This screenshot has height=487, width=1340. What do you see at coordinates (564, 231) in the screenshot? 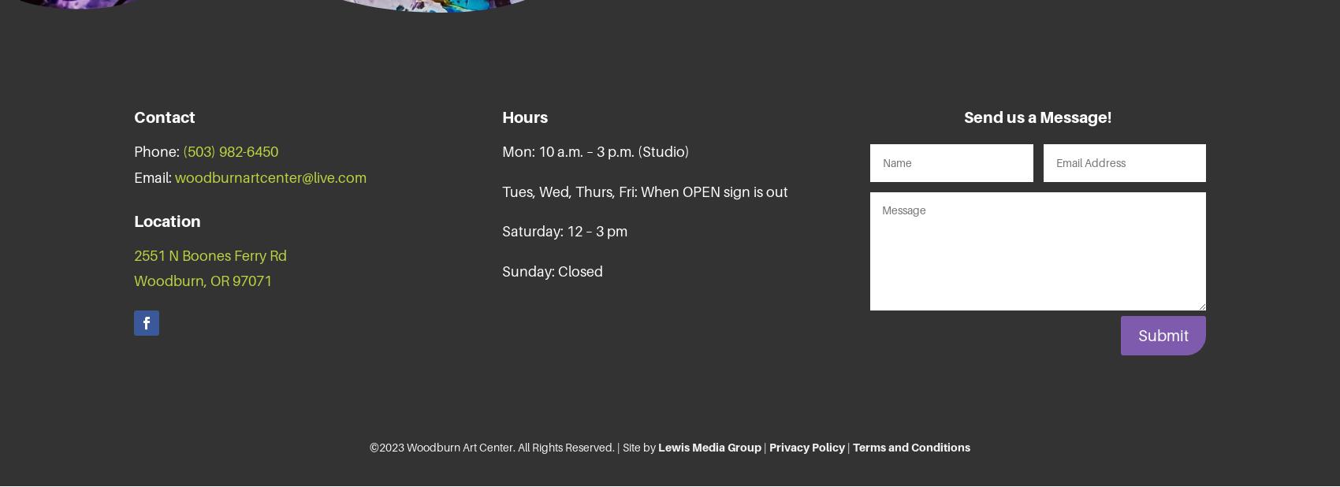
I see `'Saturday: 12 – 3 pm'` at bounding box center [564, 231].